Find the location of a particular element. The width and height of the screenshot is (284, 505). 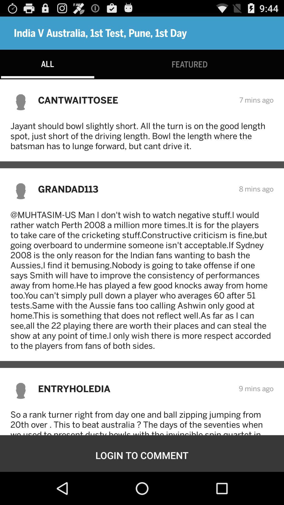

the grandad113 icon is located at coordinates (135, 189).